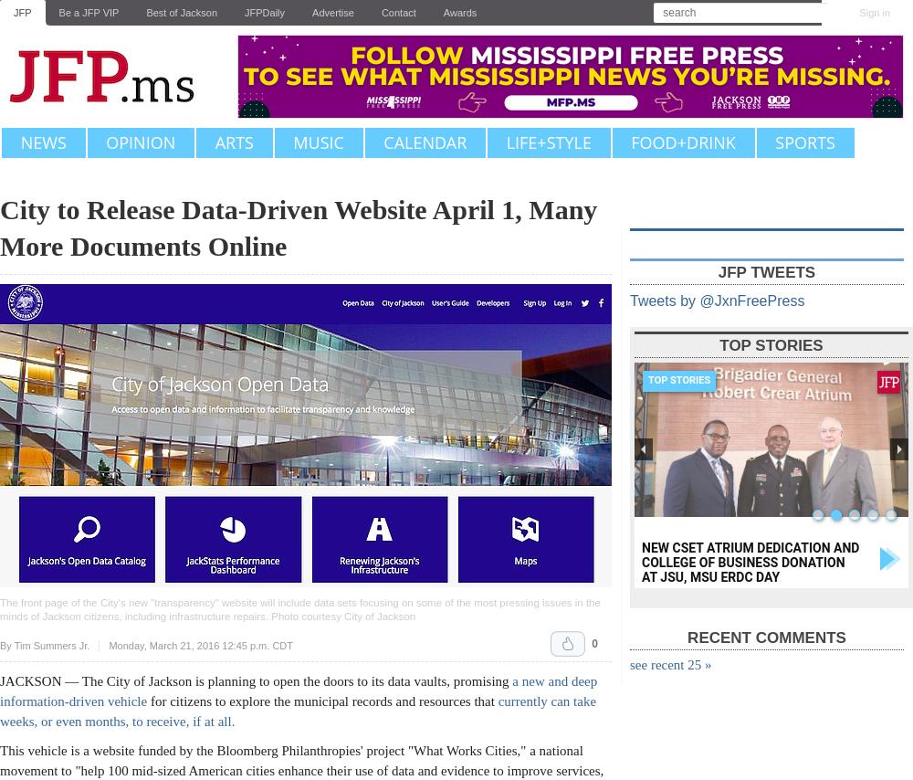  I want to click on 'Calendar', so click(424, 142).